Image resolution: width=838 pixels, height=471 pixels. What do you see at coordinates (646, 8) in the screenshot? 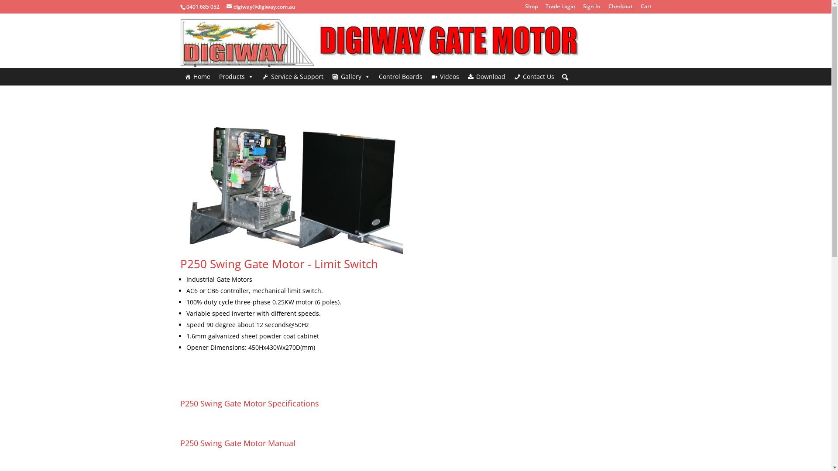
I see `'Cart'` at bounding box center [646, 8].